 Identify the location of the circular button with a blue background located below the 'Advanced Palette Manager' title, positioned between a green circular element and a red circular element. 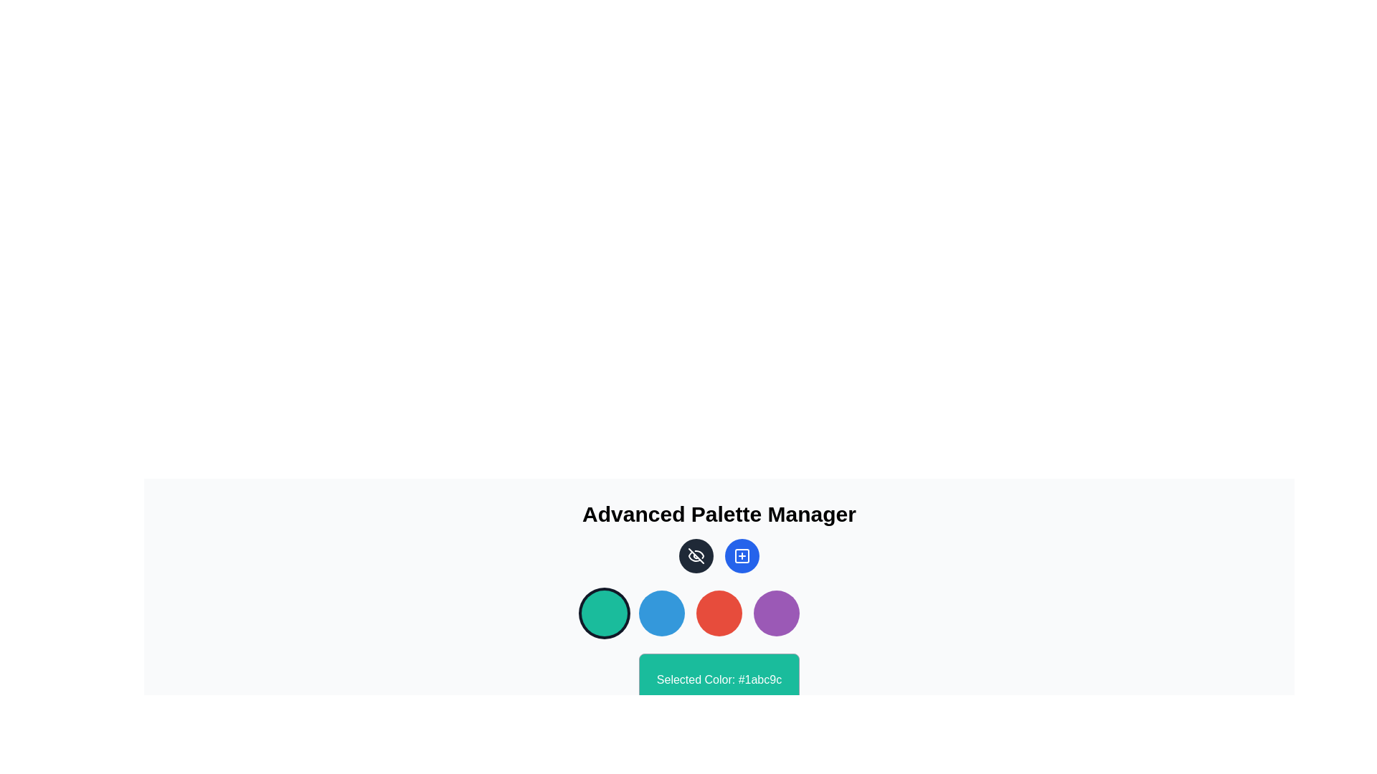
(661, 613).